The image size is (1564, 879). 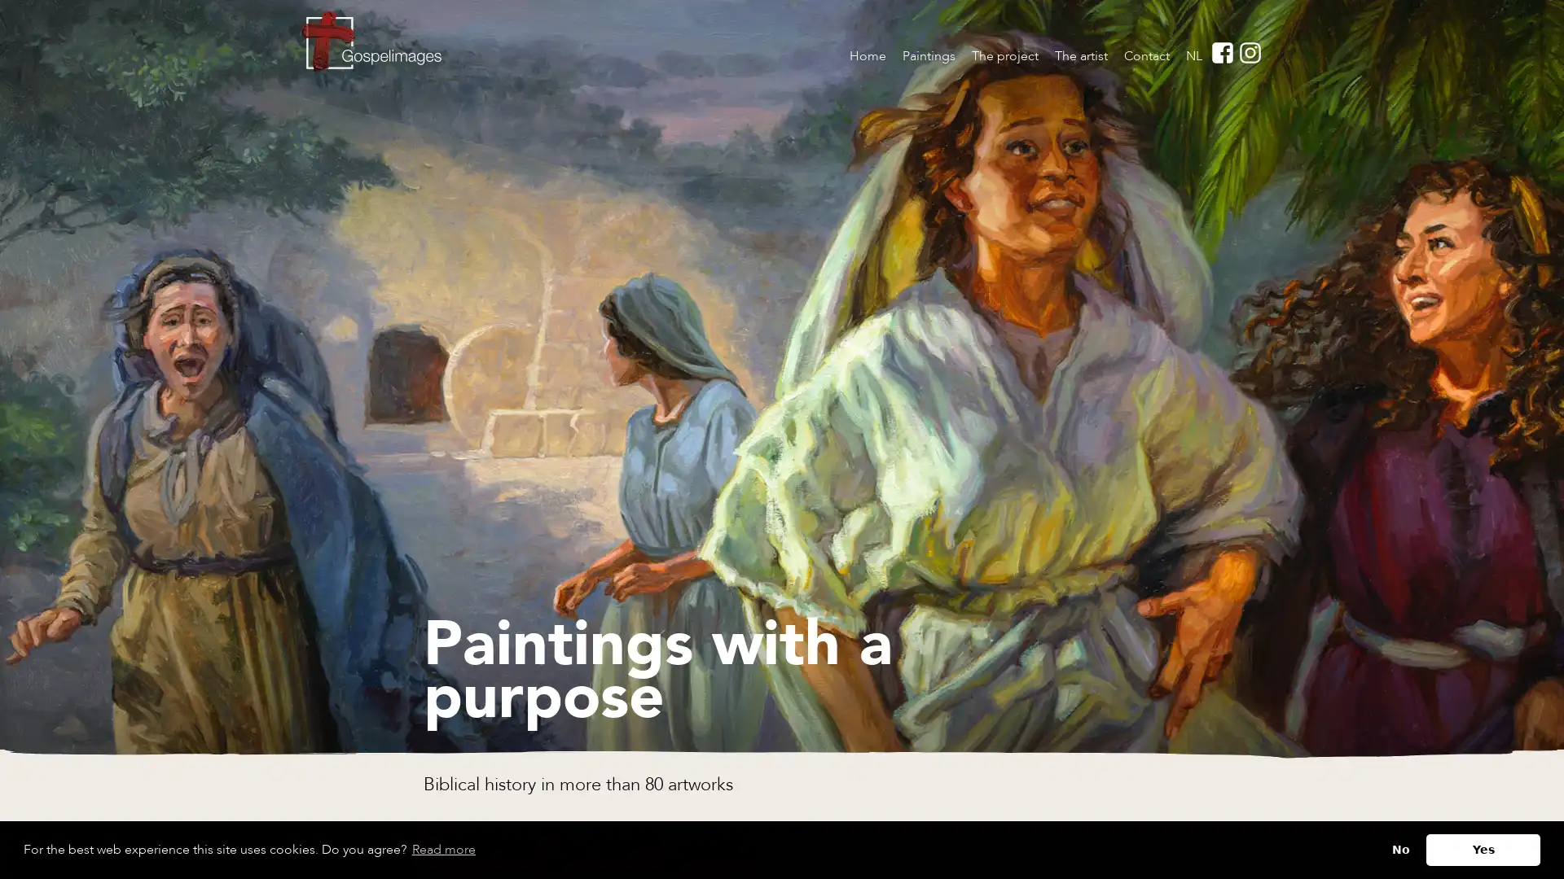 I want to click on deny cookies, so click(x=1399, y=849).